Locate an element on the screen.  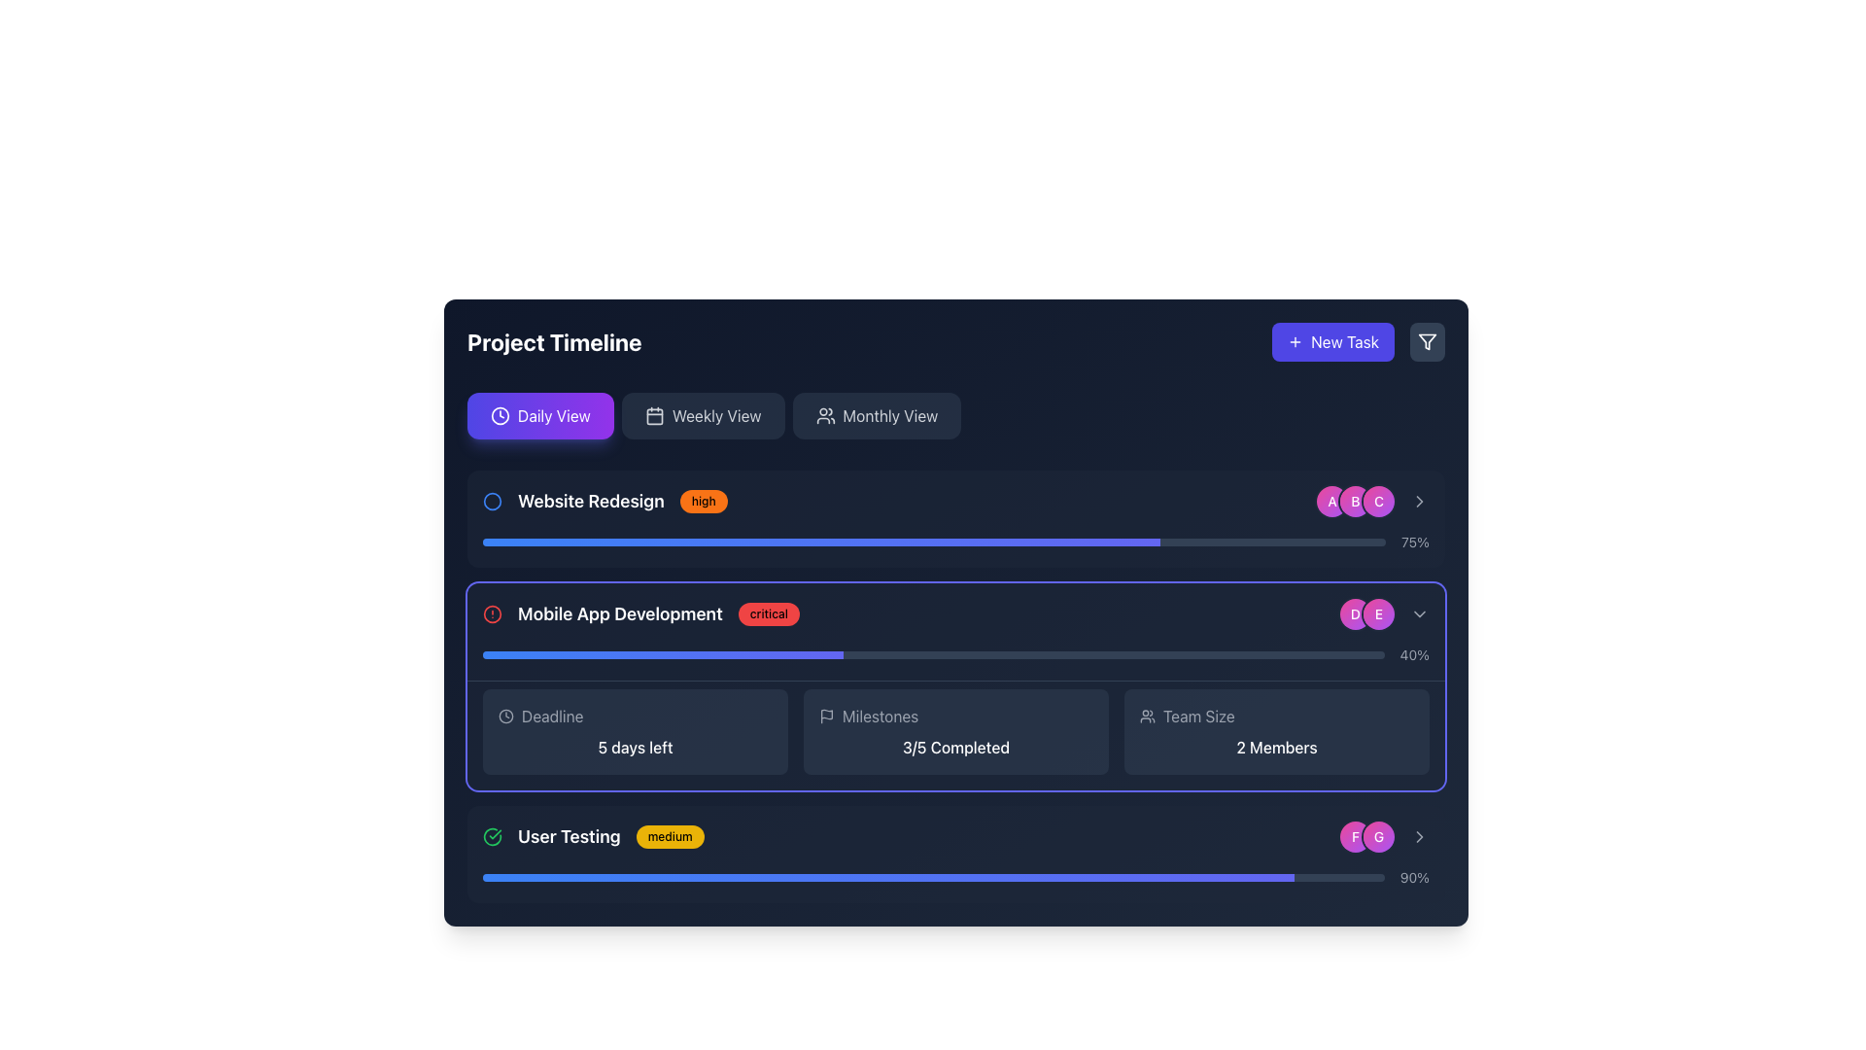
the circular avatar button with a gradient background transitioning from pink to purple, featuring the letter 'C' in white, bold font, for selection is located at coordinates (1371, 501).